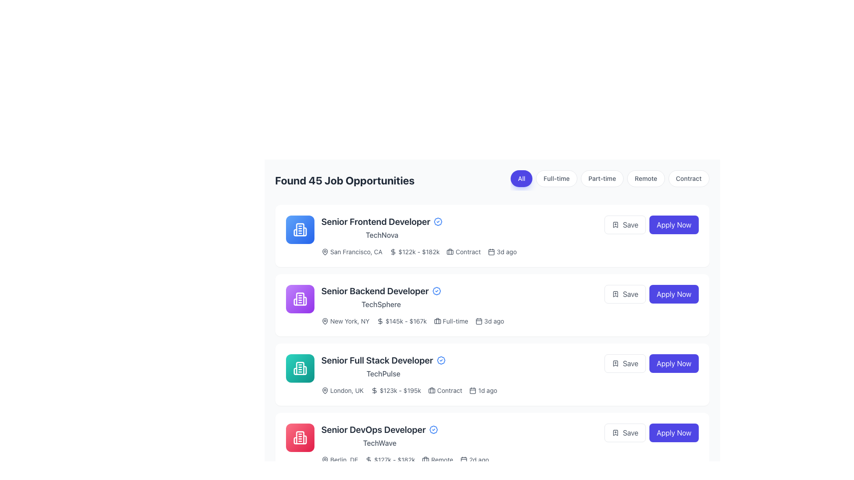  I want to click on the Decorative SVG component that is part of the briefcase icon for a job opportunity listing, located on the left side of the job entry, so click(437, 321).